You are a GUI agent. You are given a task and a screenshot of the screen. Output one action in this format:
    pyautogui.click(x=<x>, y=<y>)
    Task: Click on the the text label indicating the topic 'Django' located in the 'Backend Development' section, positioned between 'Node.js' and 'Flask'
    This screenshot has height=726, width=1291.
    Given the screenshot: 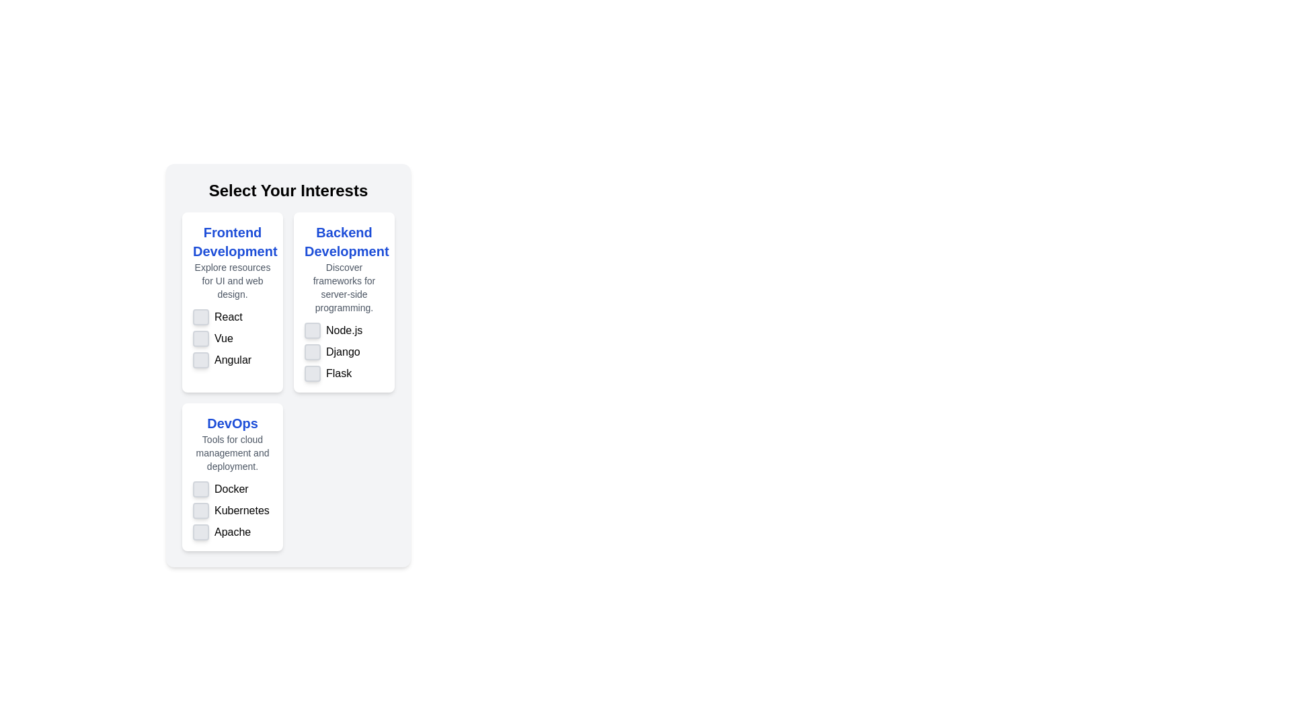 What is the action you would take?
    pyautogui.click(x=343, y=352)
    